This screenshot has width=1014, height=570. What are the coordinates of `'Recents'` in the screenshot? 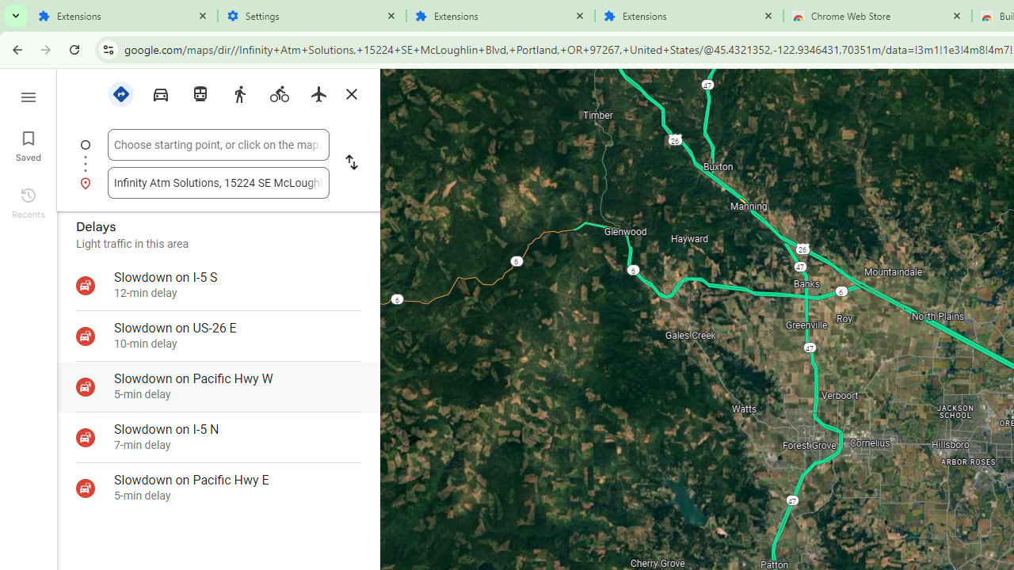 It's located at (28, 200).